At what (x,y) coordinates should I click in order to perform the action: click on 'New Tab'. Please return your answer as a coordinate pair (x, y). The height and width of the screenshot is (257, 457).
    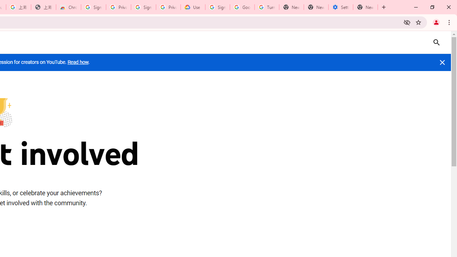
    Looking at the image, I should click on (366, 7).